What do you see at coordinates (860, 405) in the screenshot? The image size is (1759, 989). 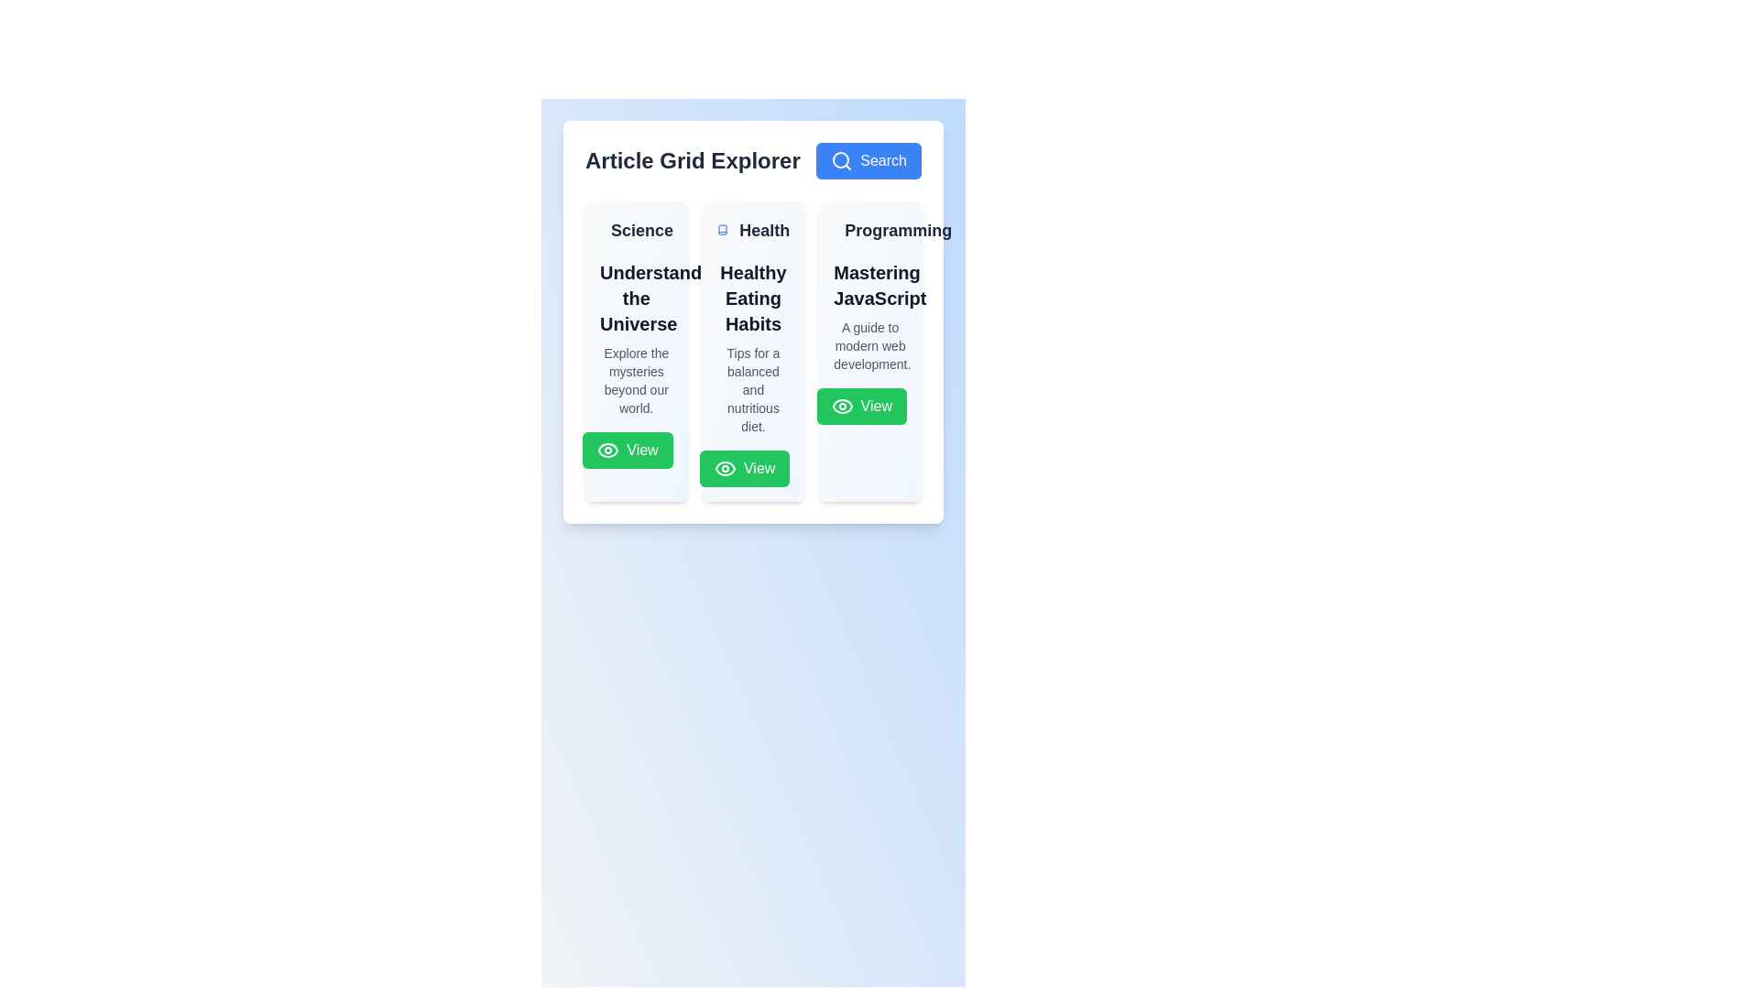 I see `the rectangular green button labeled 'View' with an eye icon located at the bottom of the 'Programming' card` at bounding box center [860, 405].